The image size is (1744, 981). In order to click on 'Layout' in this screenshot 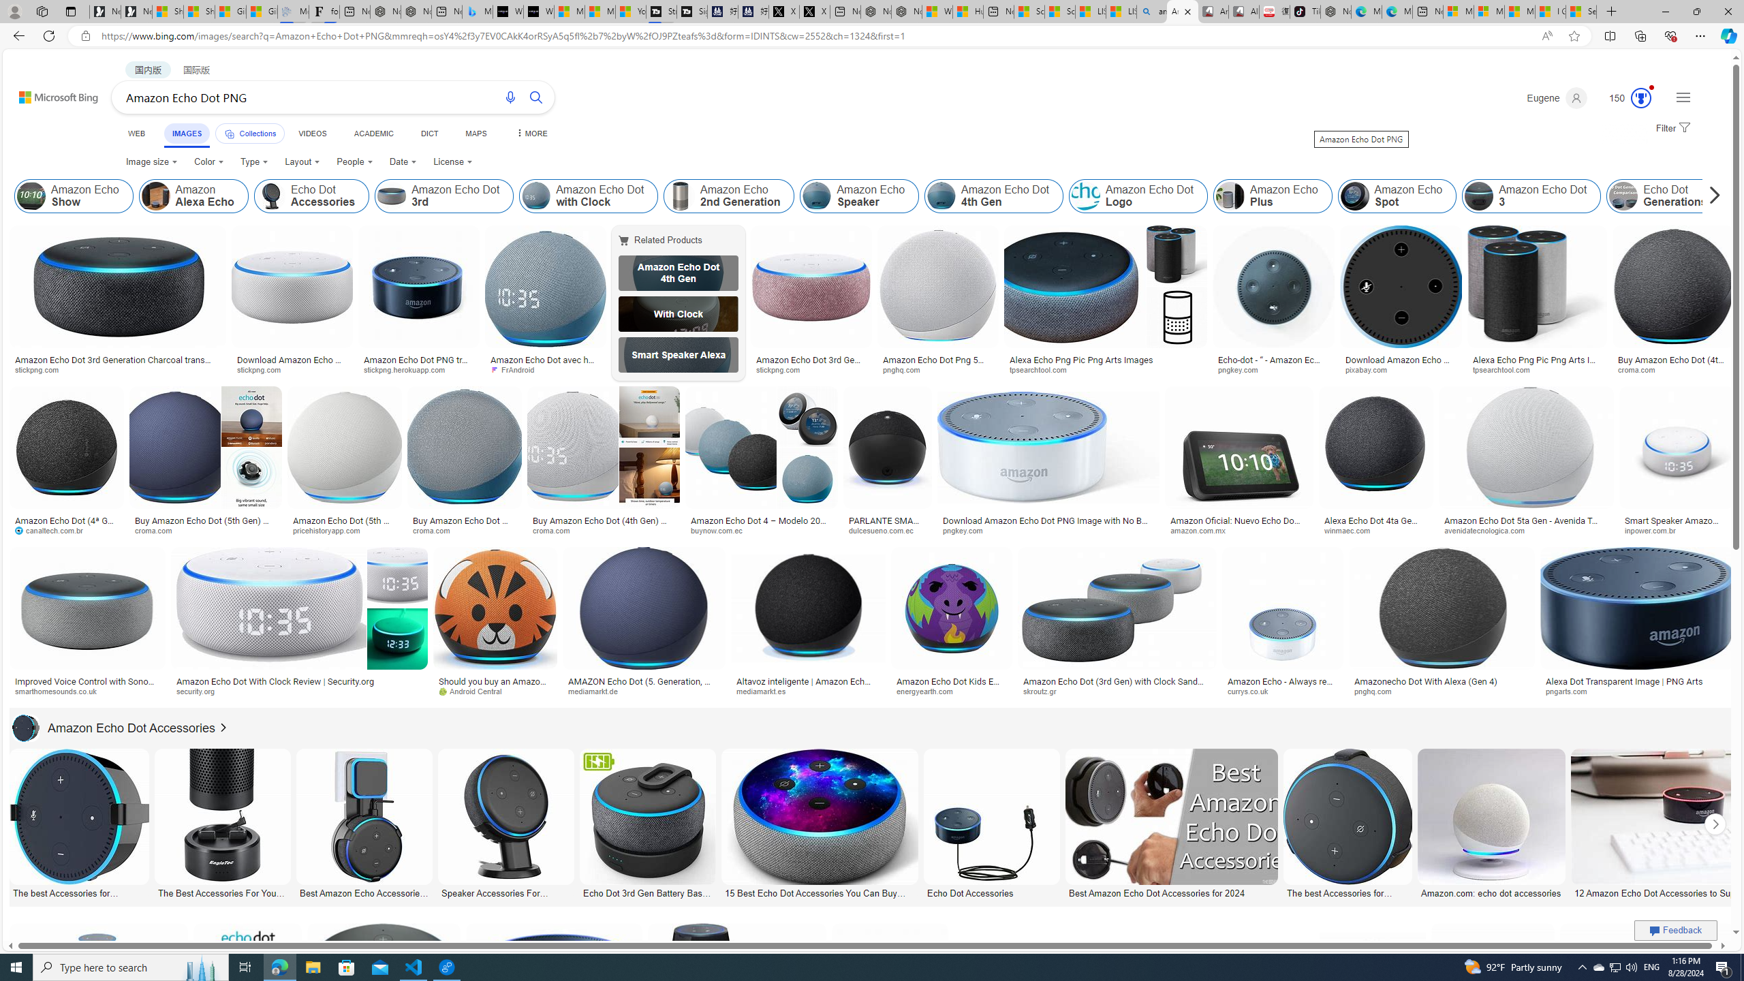, I will do `click(302, 161)`.